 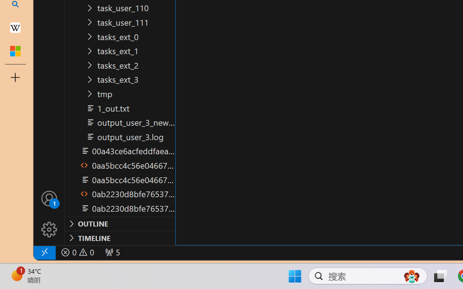 I want to click on 'Timeline Section', so click(x=120, y=237).